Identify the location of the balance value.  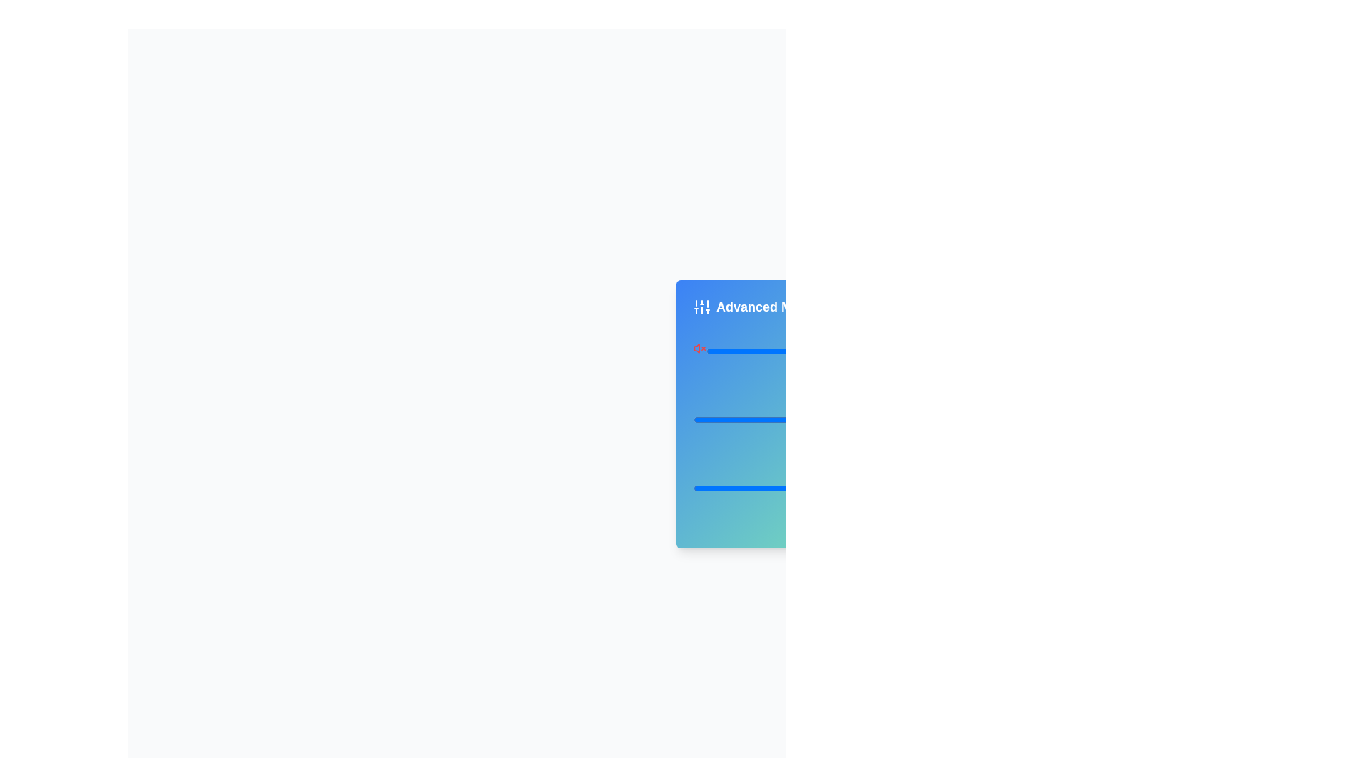
(769, 419).